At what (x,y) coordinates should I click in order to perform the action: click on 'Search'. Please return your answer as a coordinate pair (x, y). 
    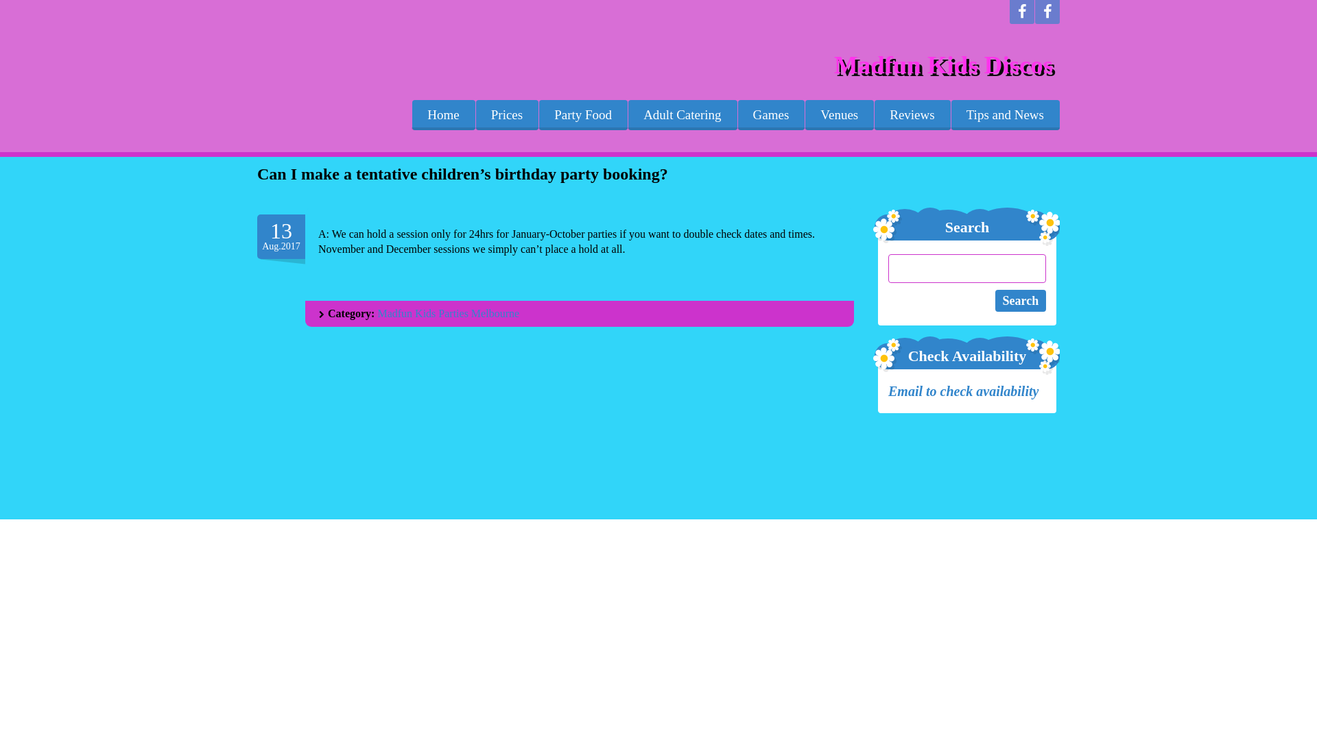
    Looking at the image, I should click on (1021, 300).